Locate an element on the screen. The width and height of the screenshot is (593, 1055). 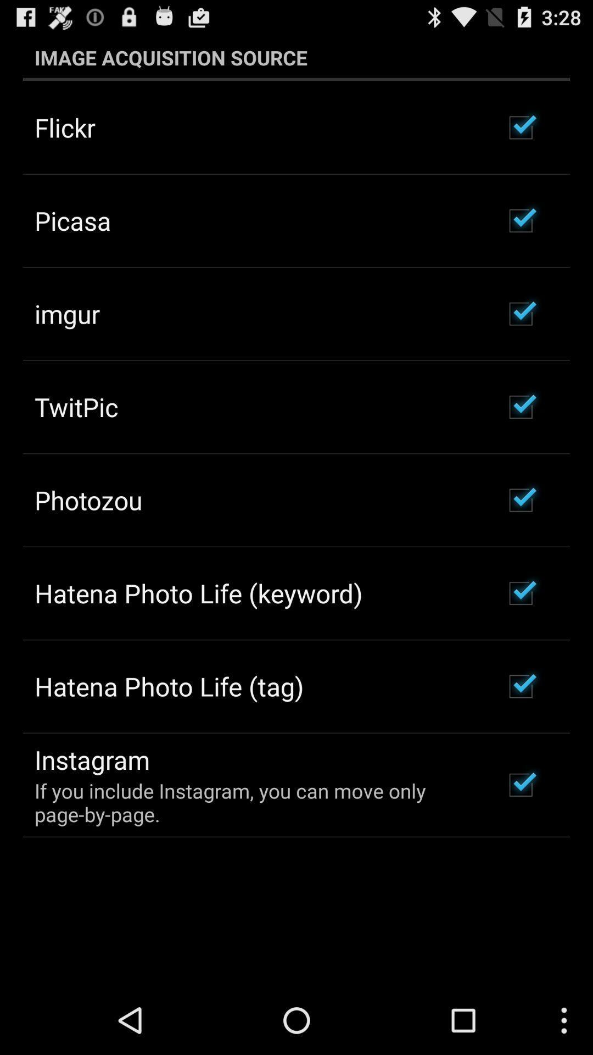
the picasa is located at coordinates (72, 220).